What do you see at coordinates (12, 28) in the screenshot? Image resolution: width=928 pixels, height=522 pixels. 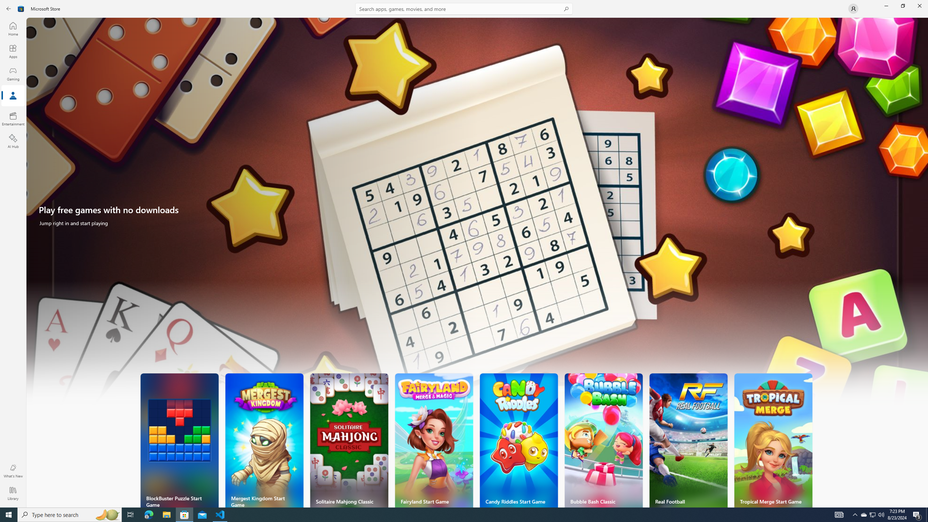 I see `'Home'` at bounding box center [12, 28].